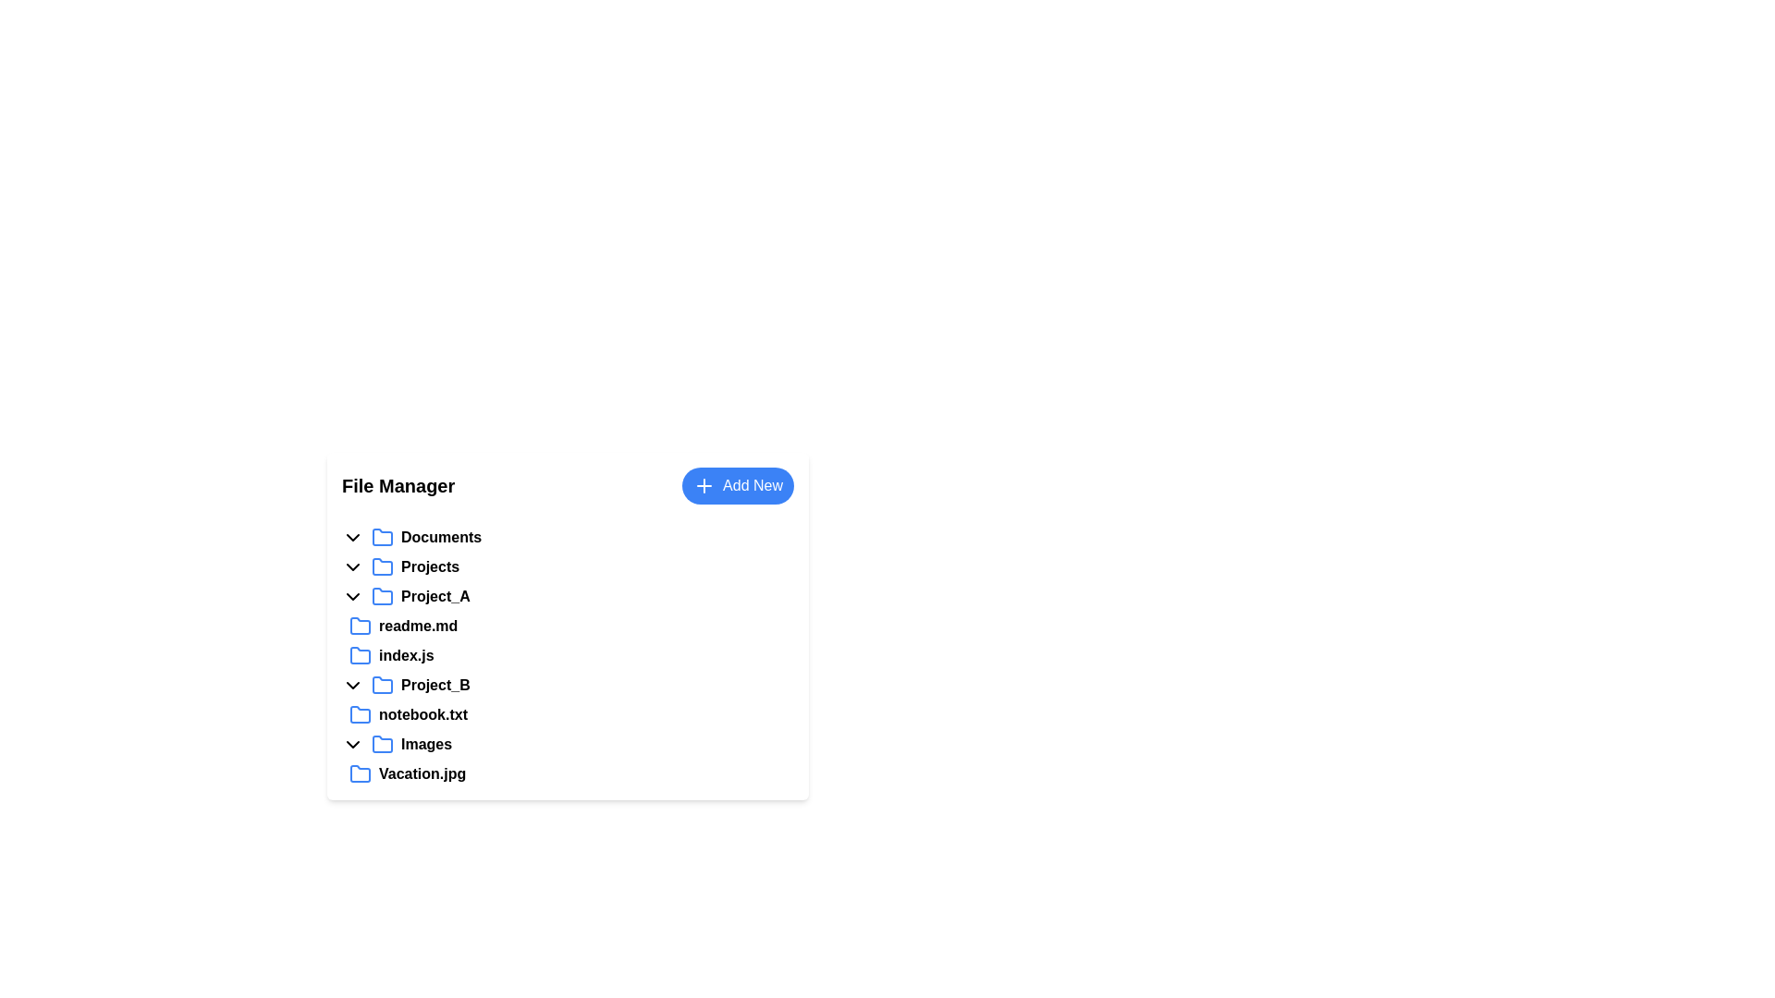 This screenshot has height=998, width=1775. What do you see at coordinates (360, 625) in the screenshot?
I see `the folder icon with a blue outline labeled 'Project_A'` at bounding box center [360, 625].